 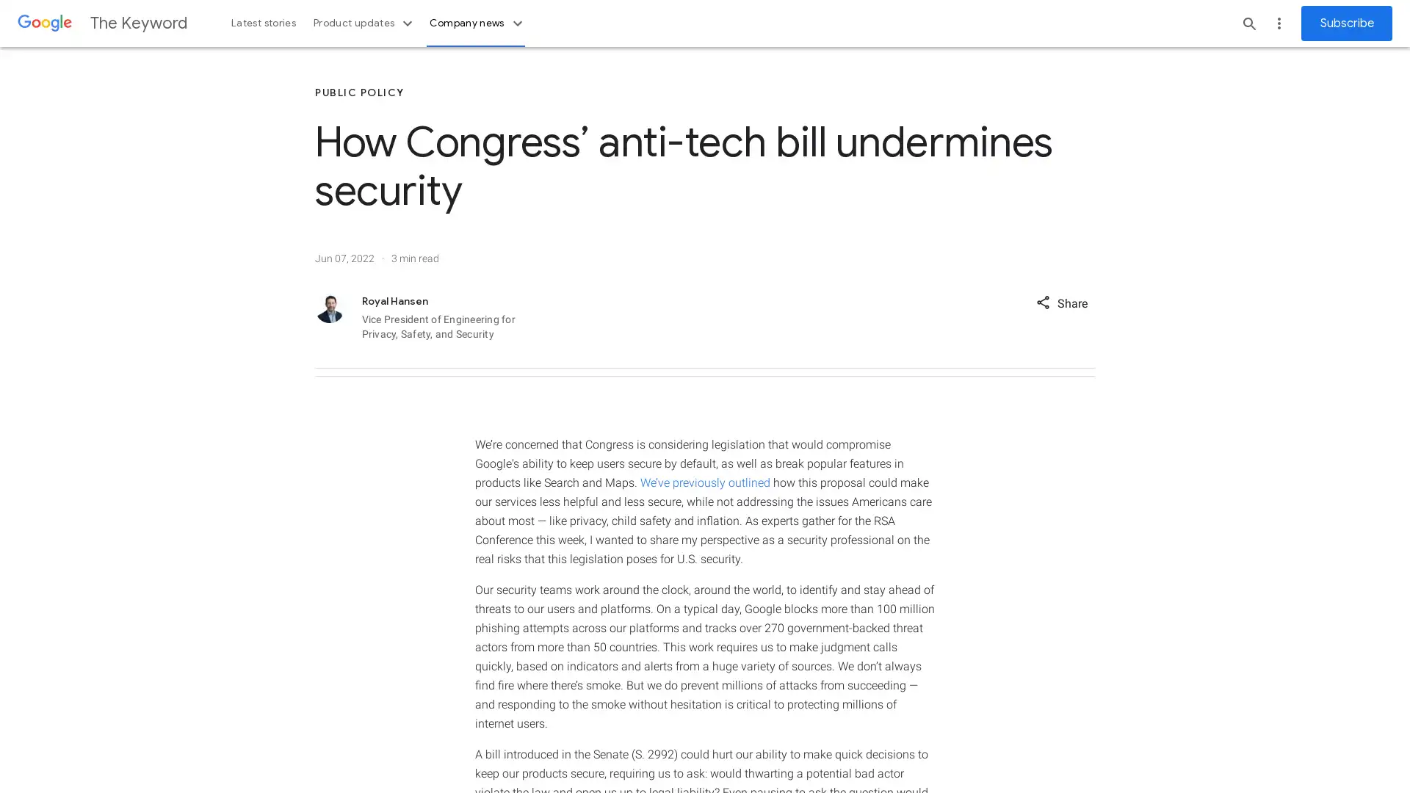 I want to click on Secondary menu, so click(x=1279, y=23).